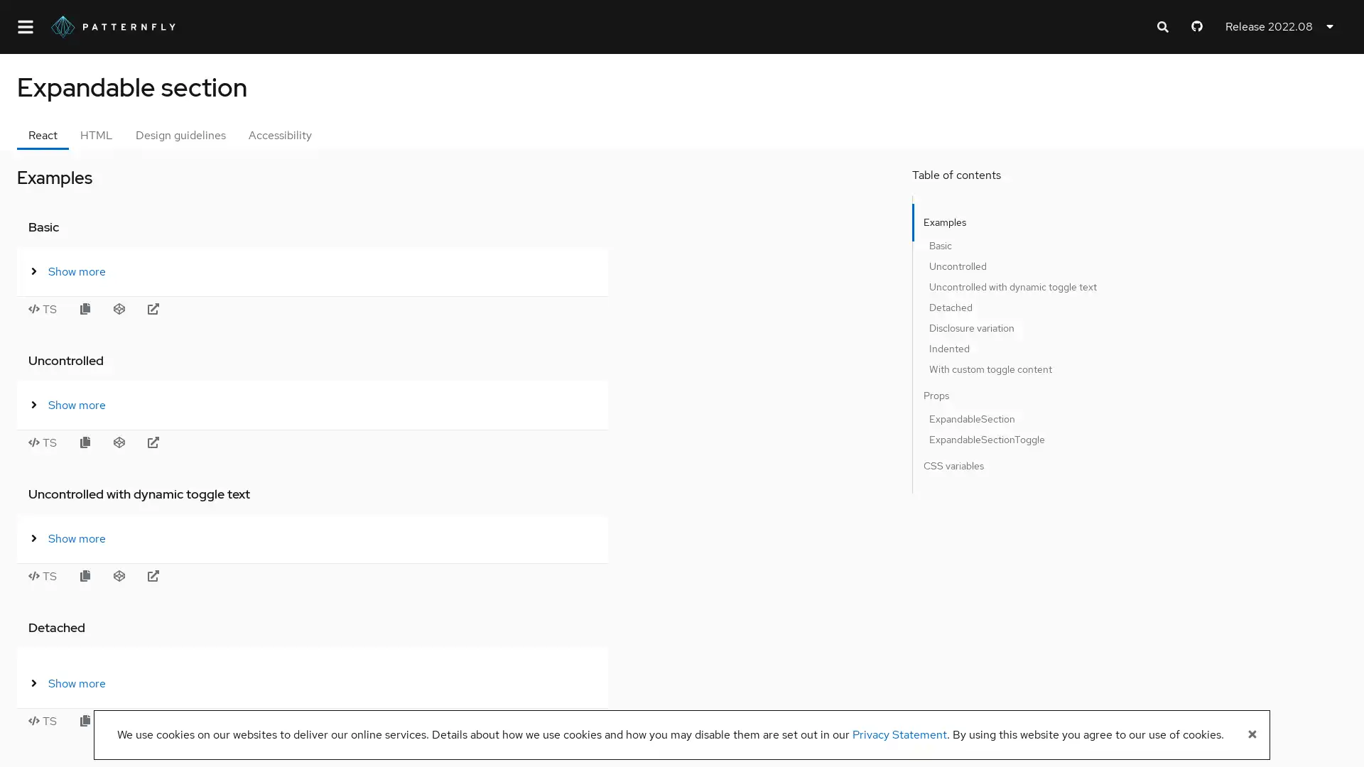 The height and width of the screenshot is (767, 1364). What do you see at coordinates (278, 538) in the screenshot?
I see `Show more` at bounding box center [278, 538].